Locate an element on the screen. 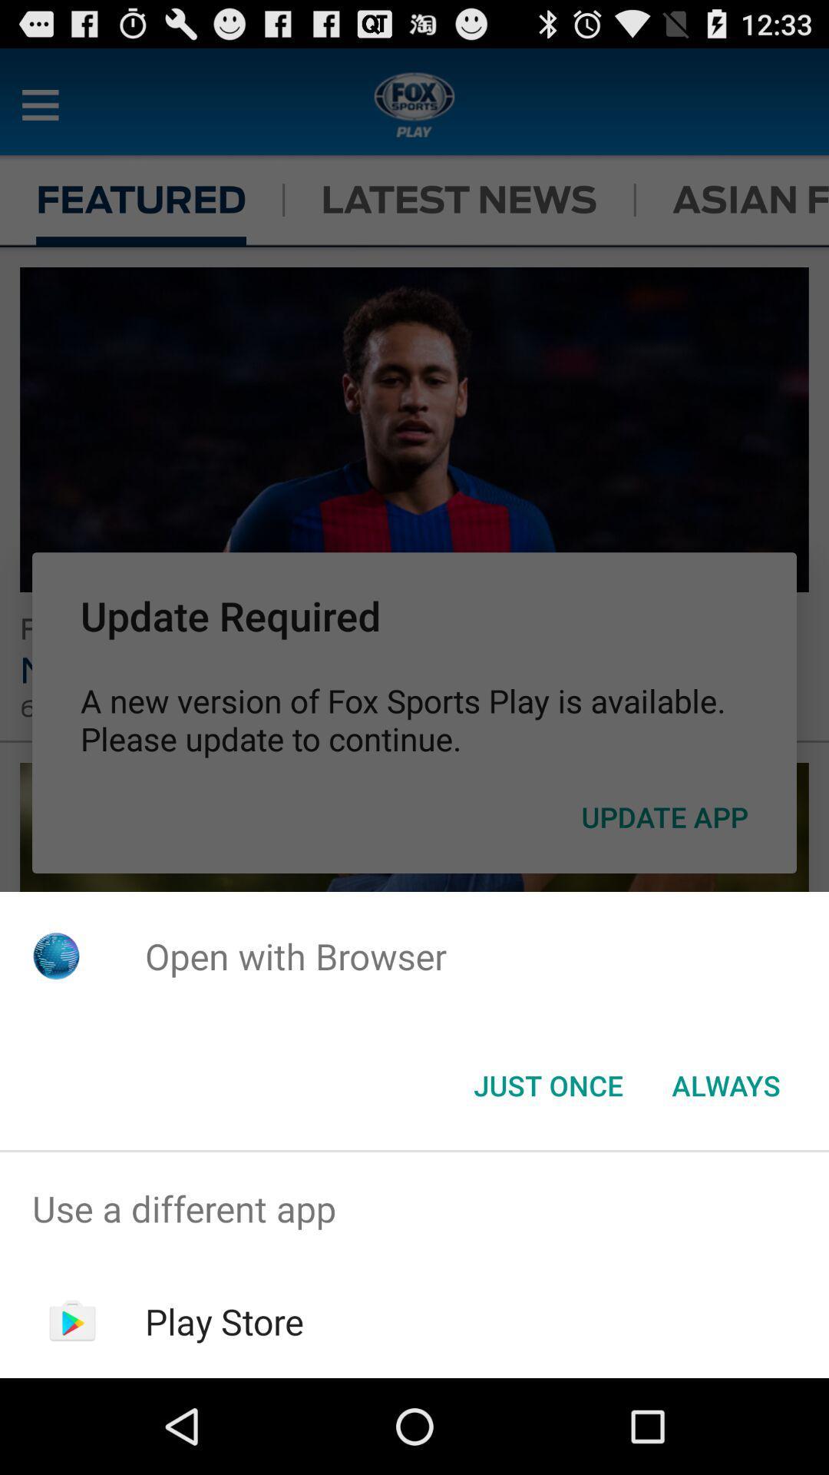 Image resolution: width=829 pixels, height=1475 pixels. the play store icon is located at coordinates (224, 1321).